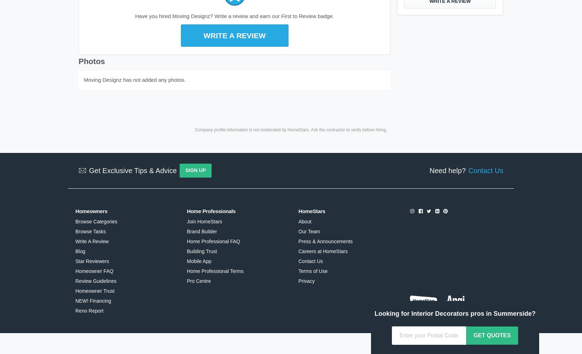 The image size is (582, 354). What do you see at coordinates (211, 210) in the screenshot?
I see `'Home Professionals'` at bounding box center [211, 210].